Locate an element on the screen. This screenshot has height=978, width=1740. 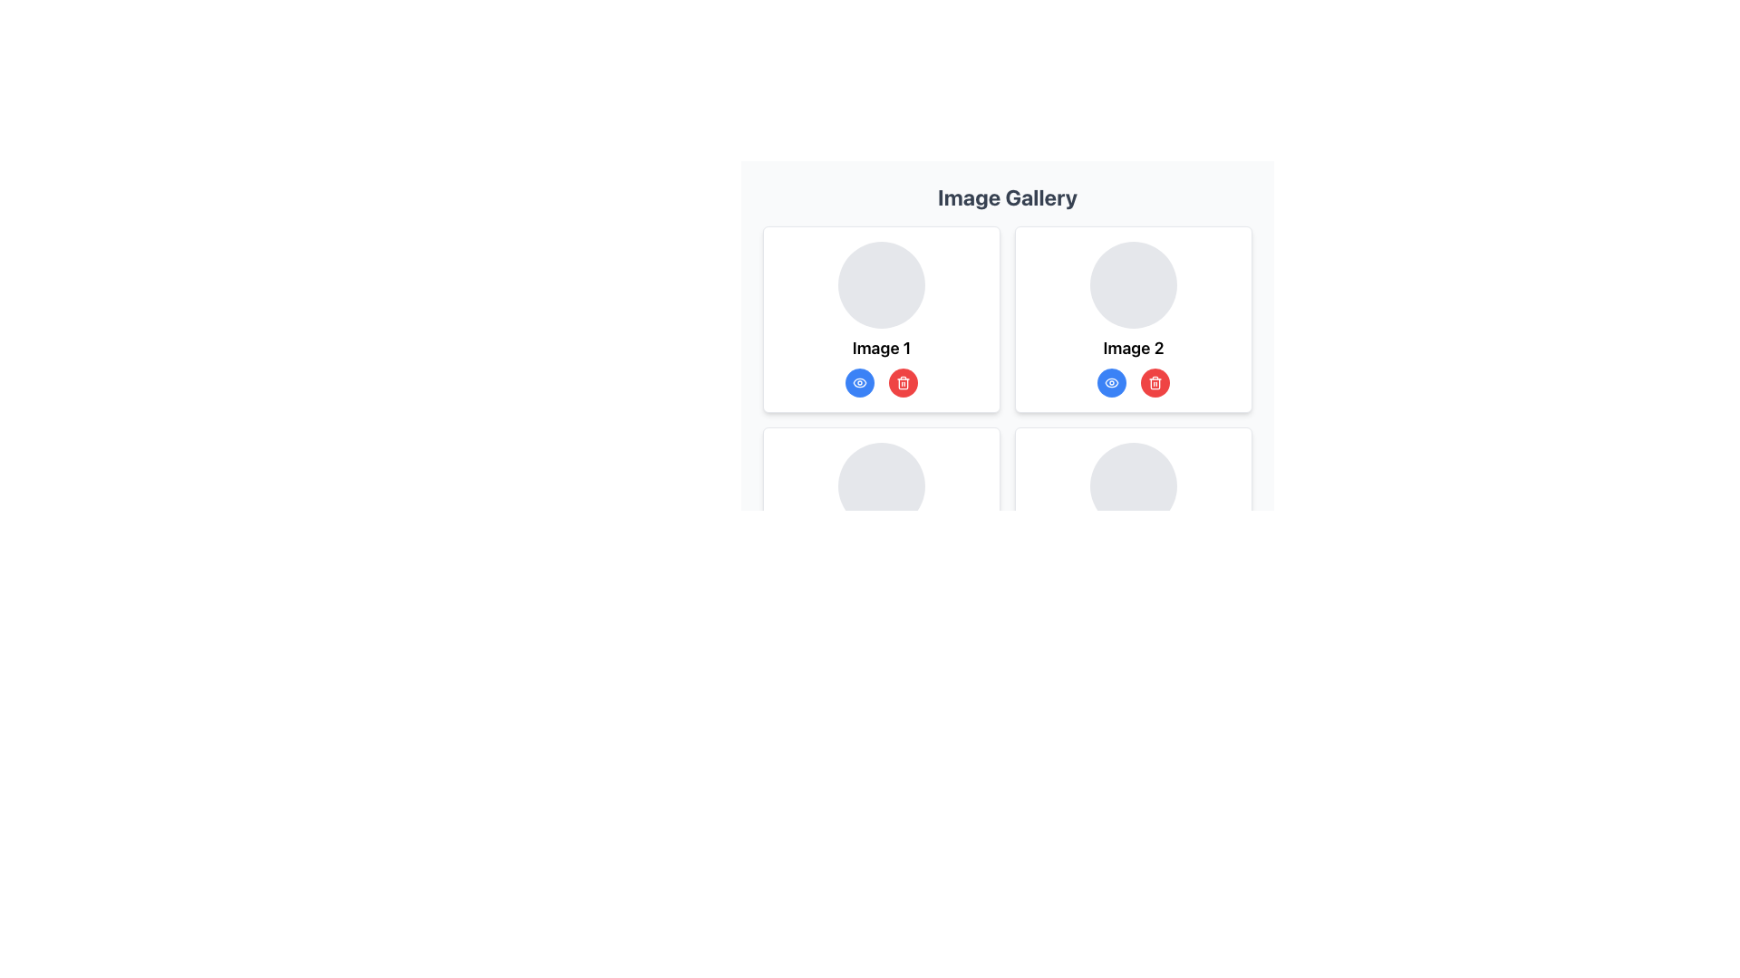
the circular blue button with an eye icon to observe the hover effect is located at coordinates (1111, 382).